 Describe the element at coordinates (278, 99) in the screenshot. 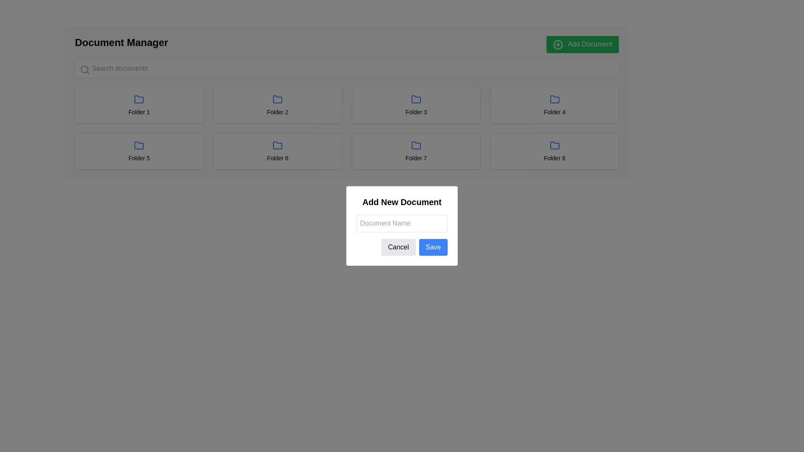

I see `the second folder icon in the grid layout, located in the first row, second column` at that location.